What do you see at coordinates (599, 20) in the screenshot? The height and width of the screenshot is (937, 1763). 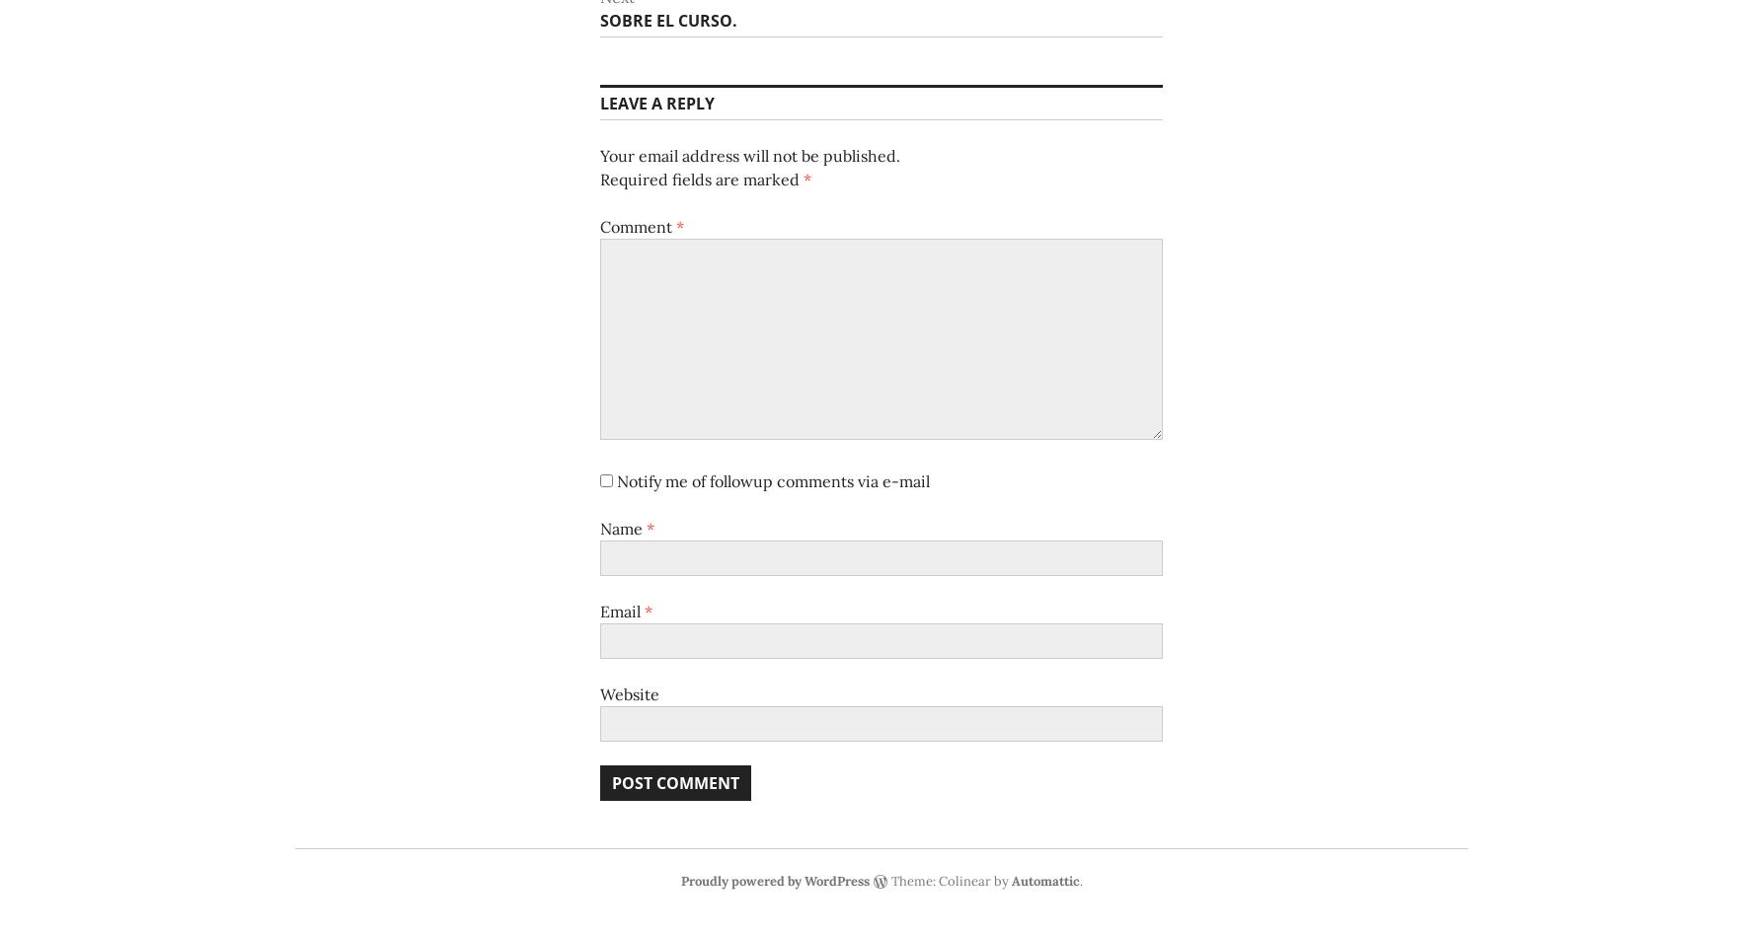 I see `'Sobre el curso.'` at bounding box center [599, 20].